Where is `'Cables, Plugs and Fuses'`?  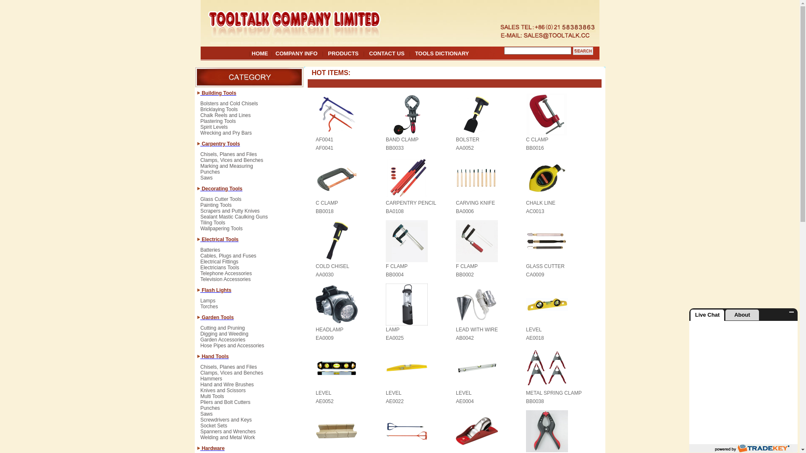 'Cables, Plugs and Fuses' is located at coordinates (228, 258).